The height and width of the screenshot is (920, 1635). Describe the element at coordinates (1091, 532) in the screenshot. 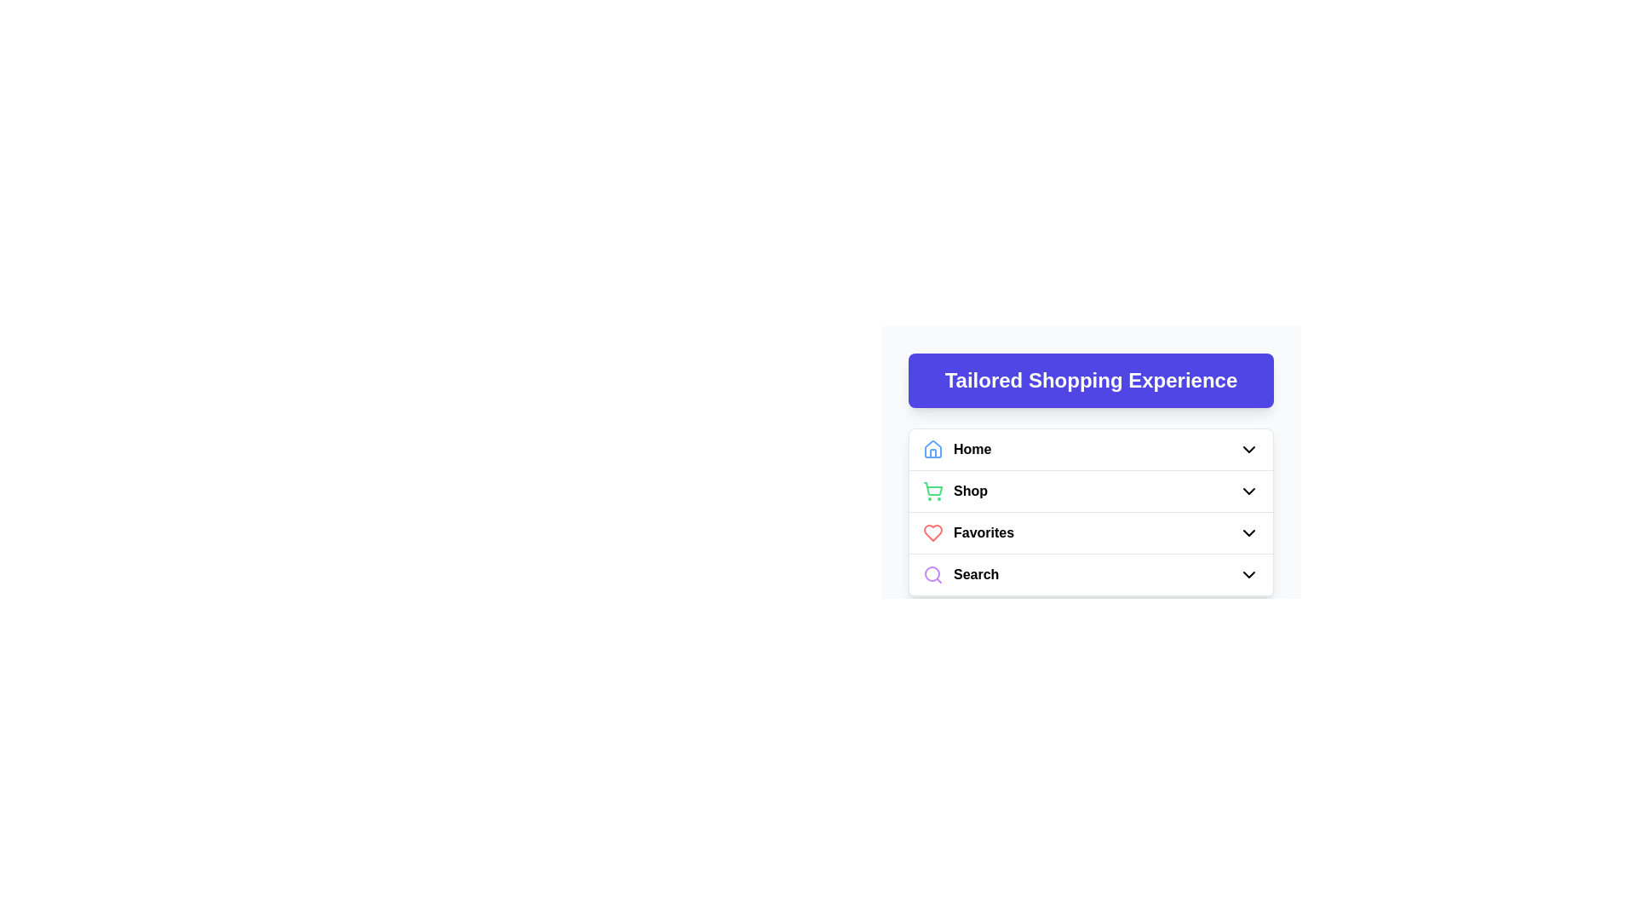

I see `the 'Favorites' menu item, which is the third row in the vertical menu structure` at that location.